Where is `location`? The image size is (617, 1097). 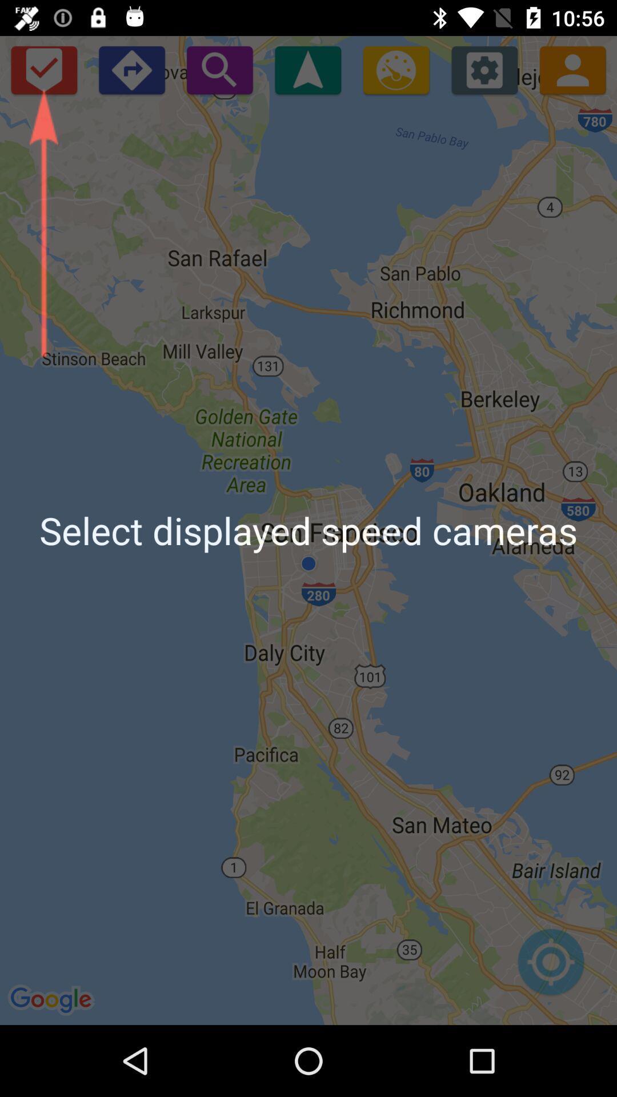 location is located at coordinates (550, 967).